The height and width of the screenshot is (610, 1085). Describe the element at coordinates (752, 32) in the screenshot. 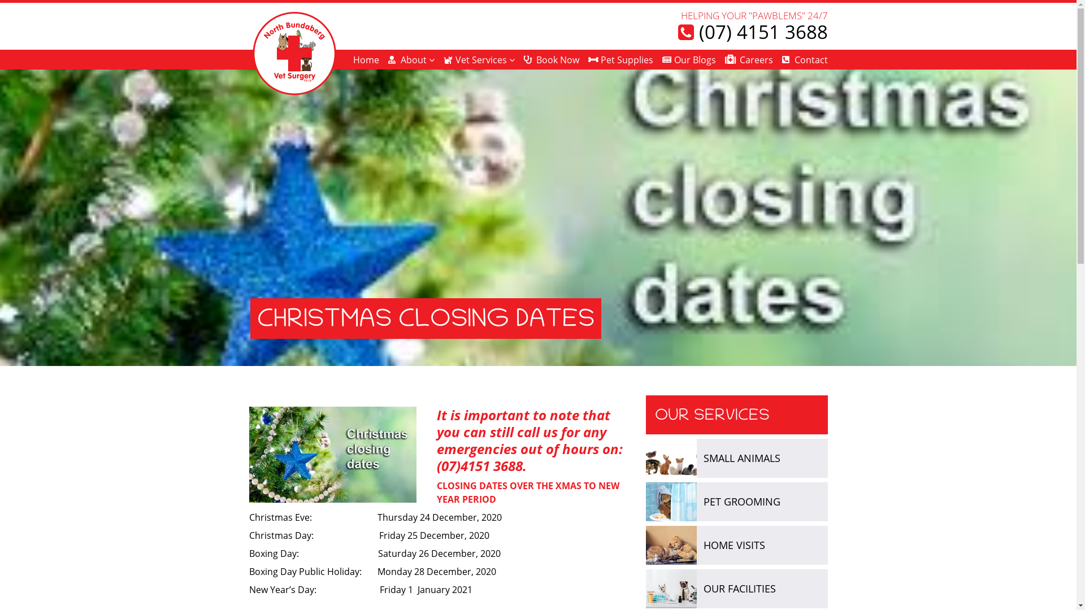

I see `'(07) 4151 3688'` at that location.